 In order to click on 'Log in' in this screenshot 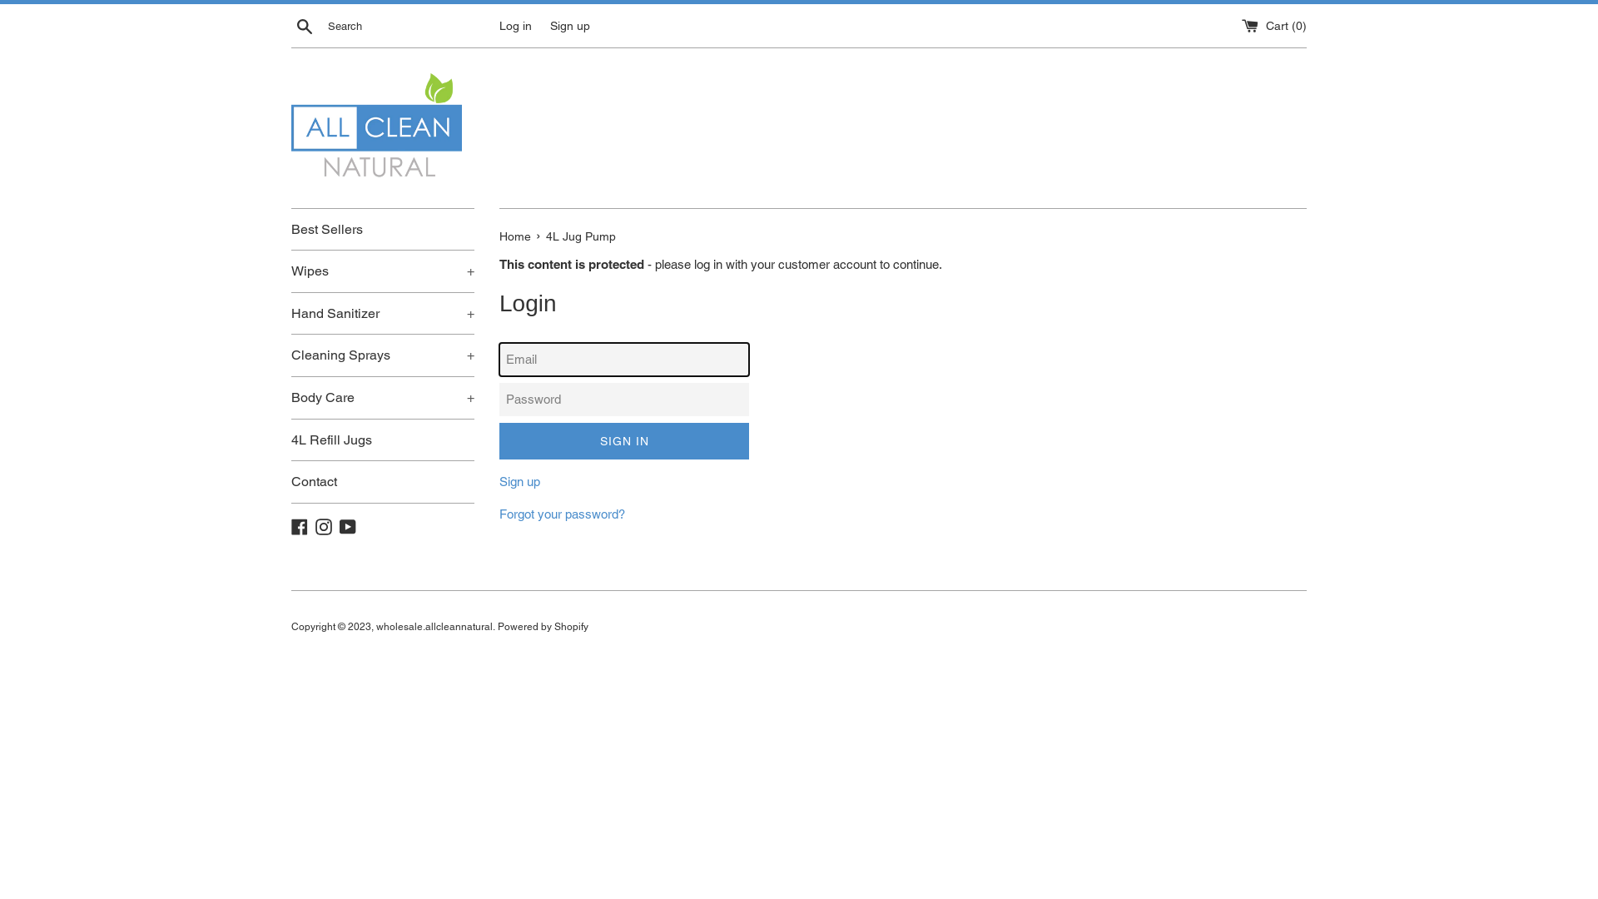, I will do `click(499, 25)`.